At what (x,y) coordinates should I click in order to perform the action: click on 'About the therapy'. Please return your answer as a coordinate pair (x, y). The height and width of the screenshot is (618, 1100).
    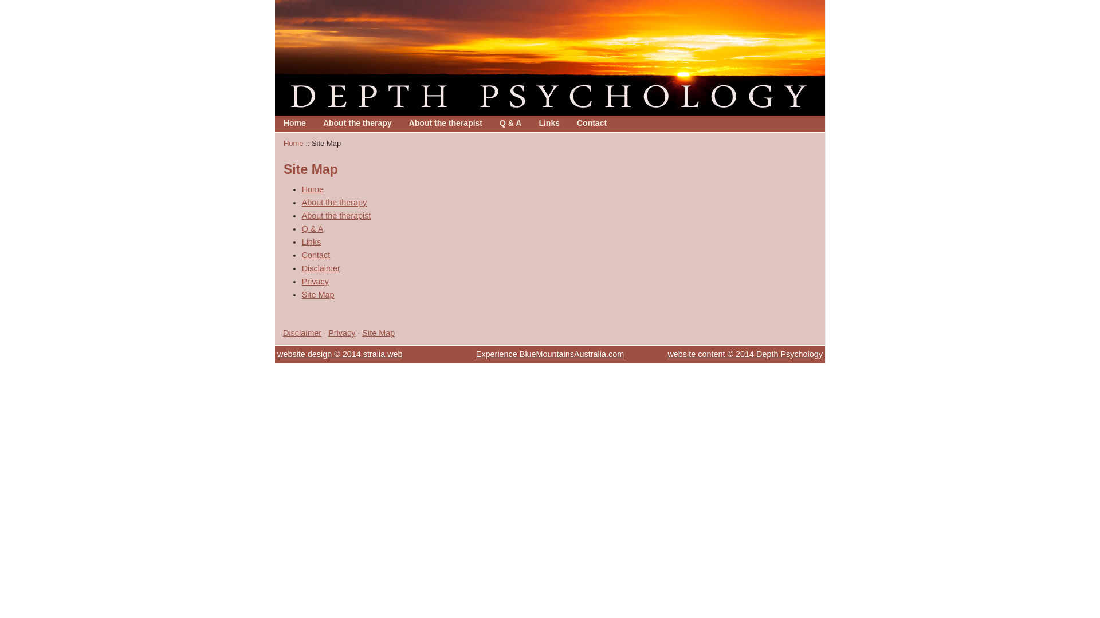
    Looking at the image, I should click on (334, 202).